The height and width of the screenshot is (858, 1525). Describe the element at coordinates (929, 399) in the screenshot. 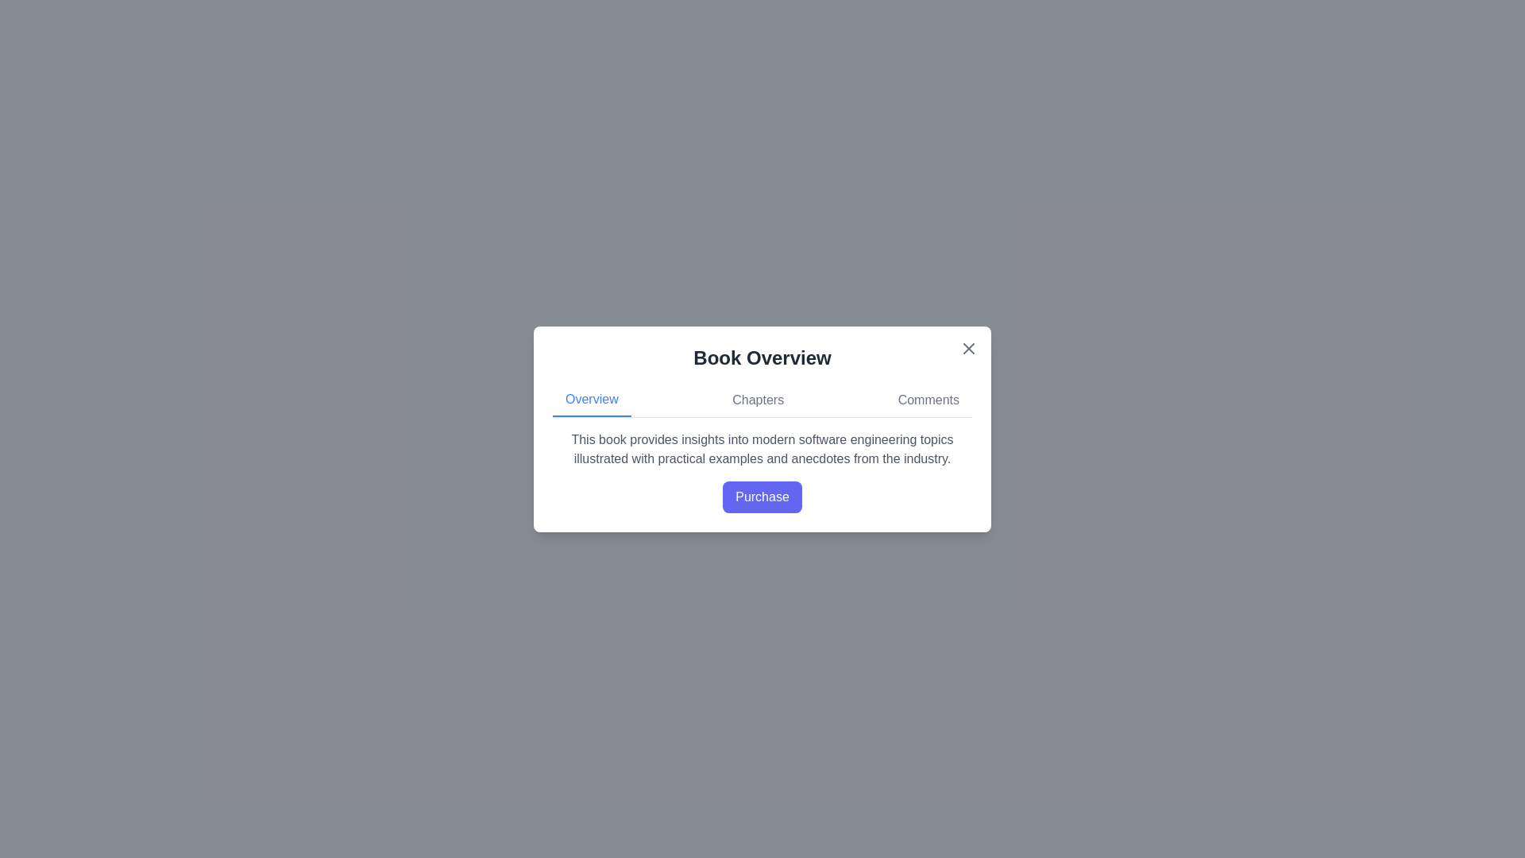

I see `the 'Comments' tab, which is the third tab in a horizontal row, located to the right of 'Chapters' and 'Overview' in the upper middle section of the pop-up` at that location.